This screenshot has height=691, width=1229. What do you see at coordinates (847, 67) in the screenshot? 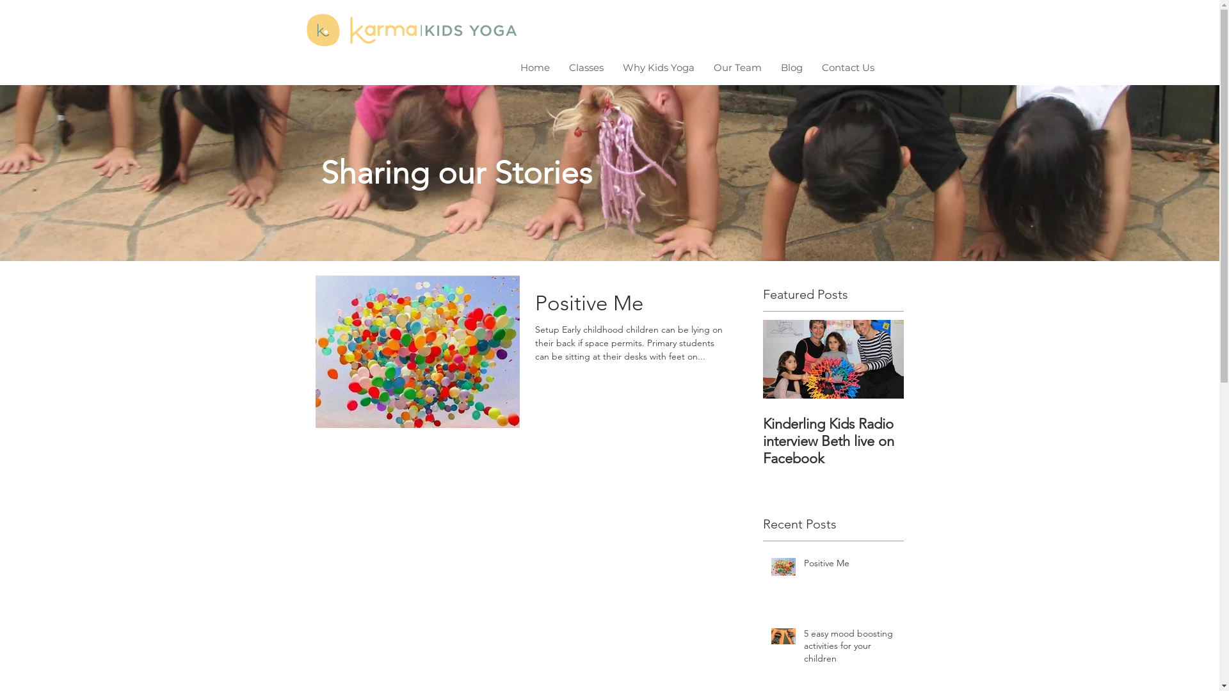
I see `'Contact Us'` at bounding box center [847, 67].